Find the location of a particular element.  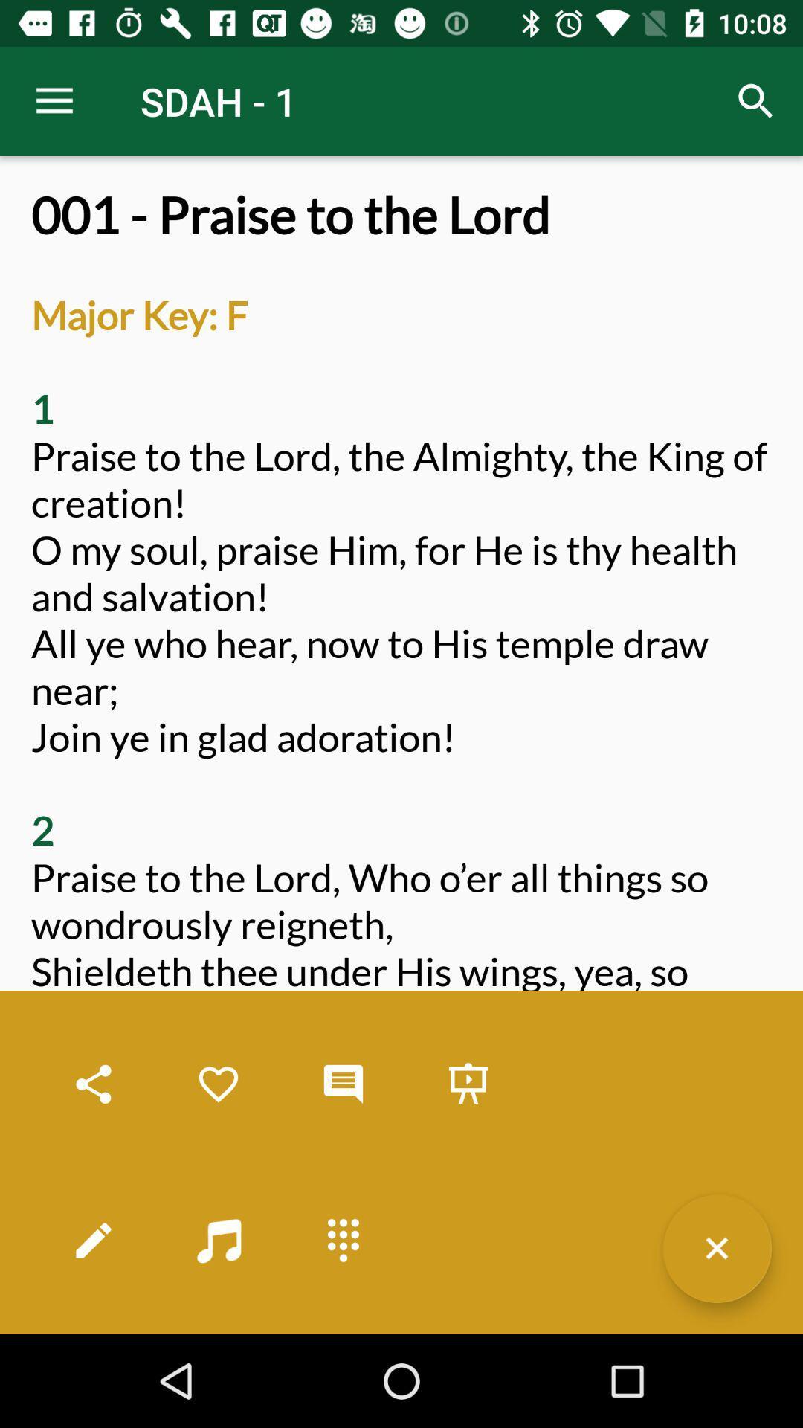

item at the bottom right corner is located at coordinates (716, 1248).